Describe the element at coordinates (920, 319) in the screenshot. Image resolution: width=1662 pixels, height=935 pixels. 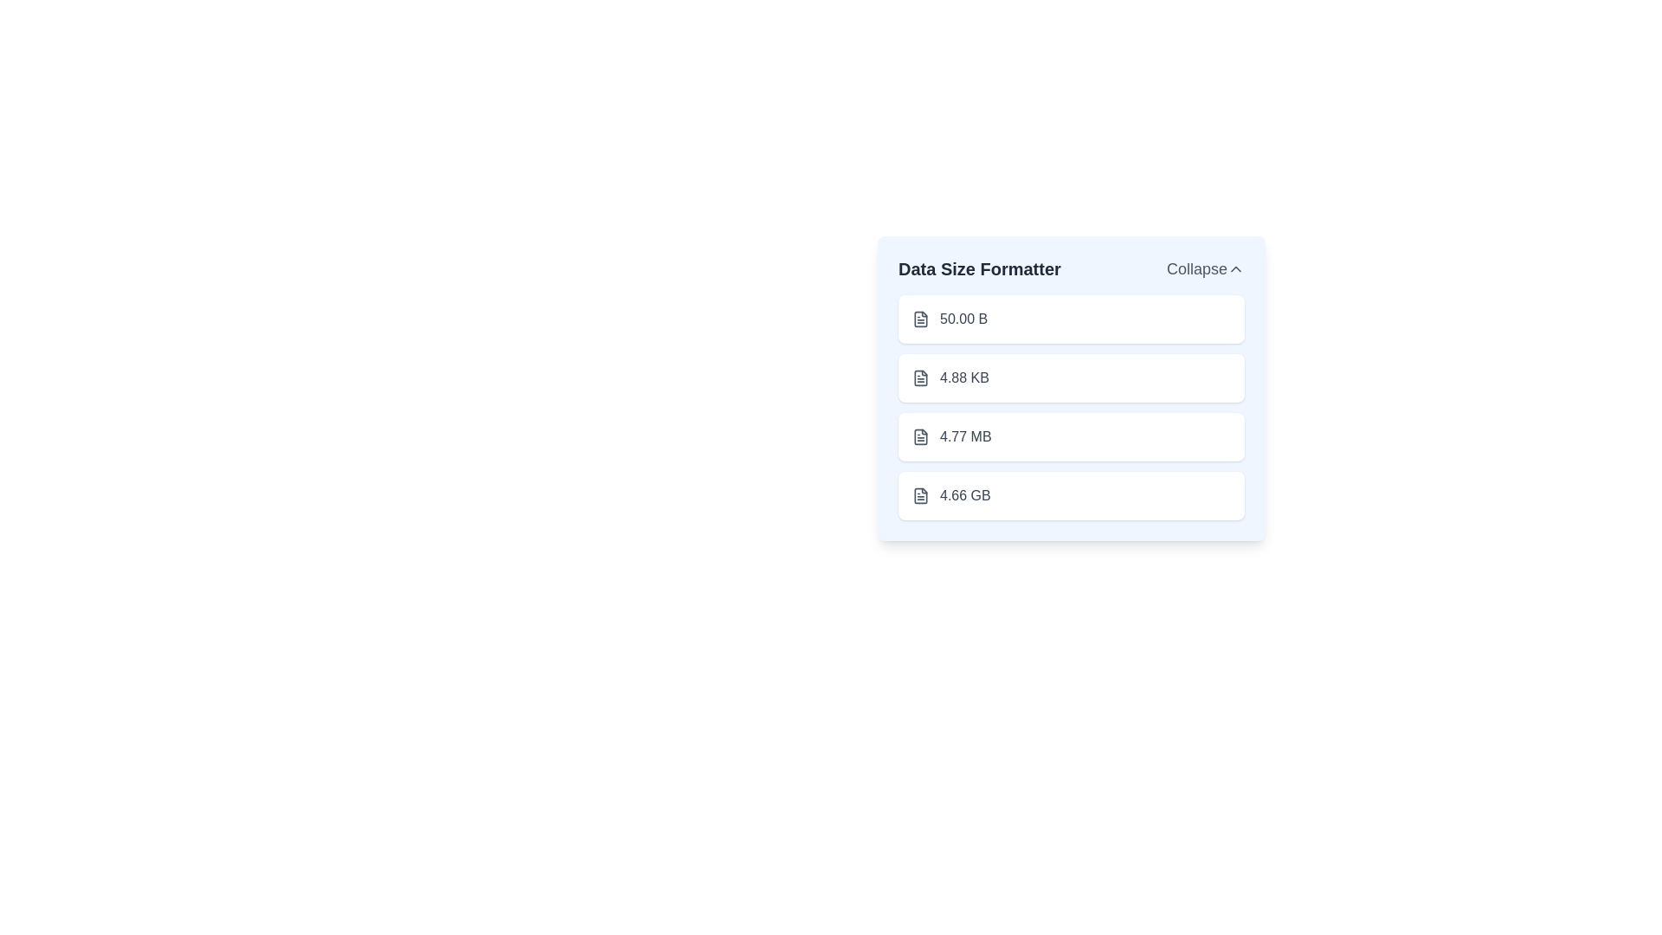
I see `the decorative vector icon located near the left side of the 'Data Size Formatter' section that prefixes the text '50.00 B'` at that location.